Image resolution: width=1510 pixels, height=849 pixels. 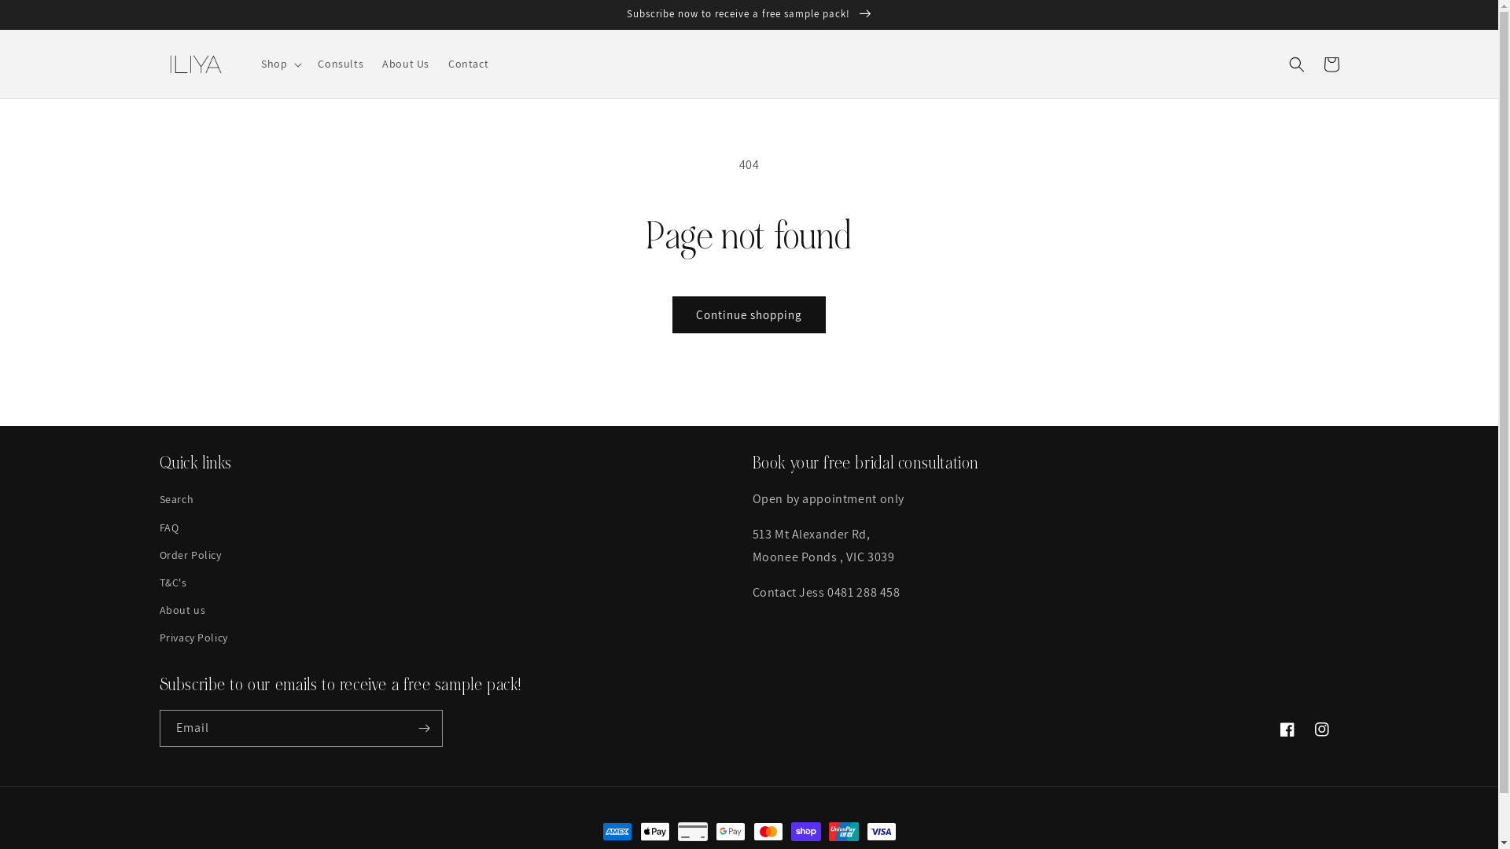 I want to click on 'Contact', so click(x=467, y=63).